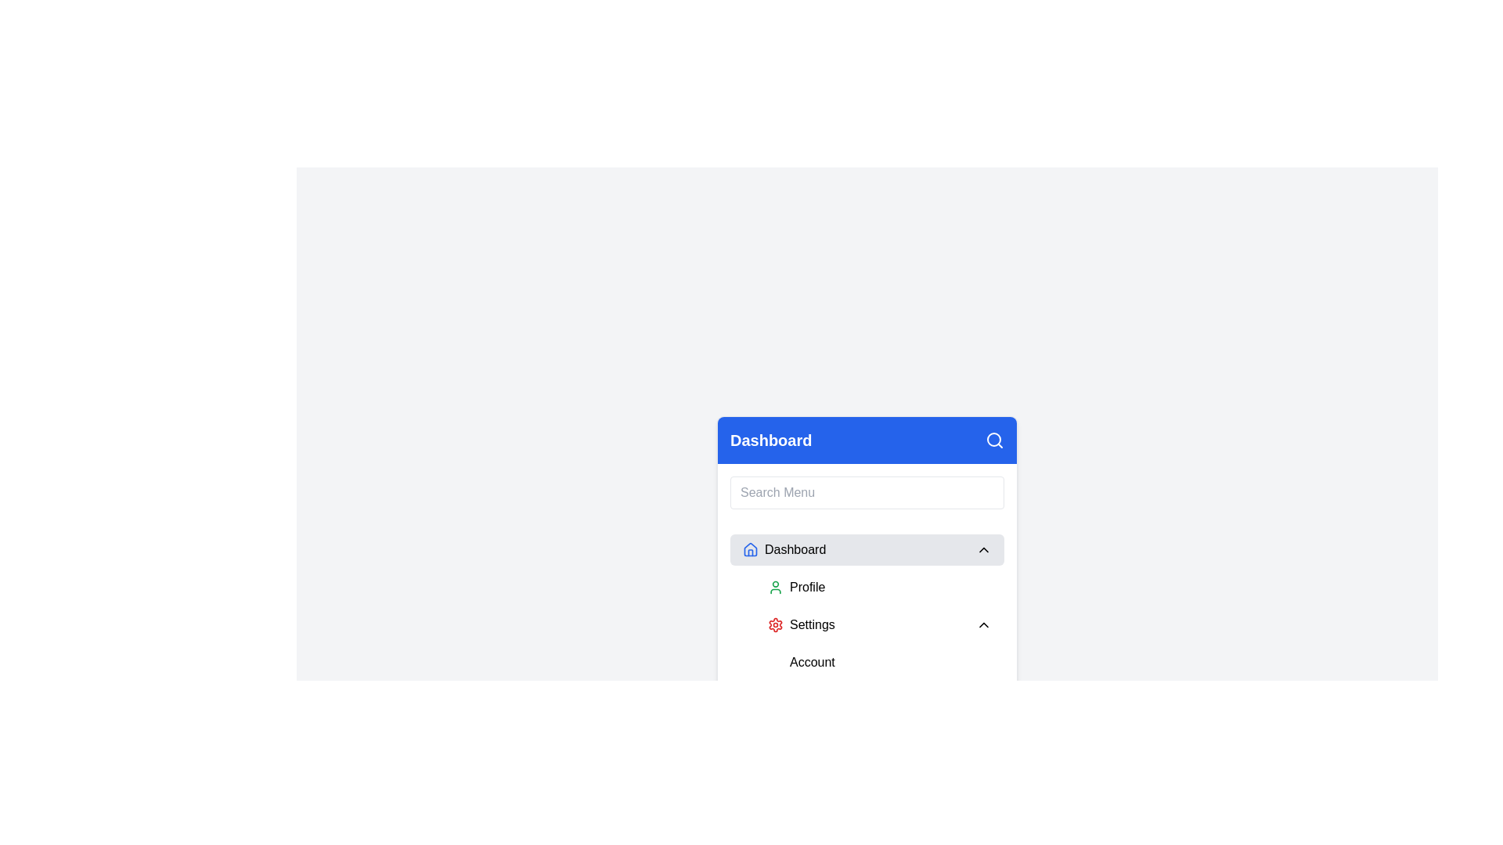  Describe the element at coordinates (994, 440) in the screenshot. I see `the search functionality icon located in the top right corner of the blue header section, aligned with the 'Dashboard' text` at that location.